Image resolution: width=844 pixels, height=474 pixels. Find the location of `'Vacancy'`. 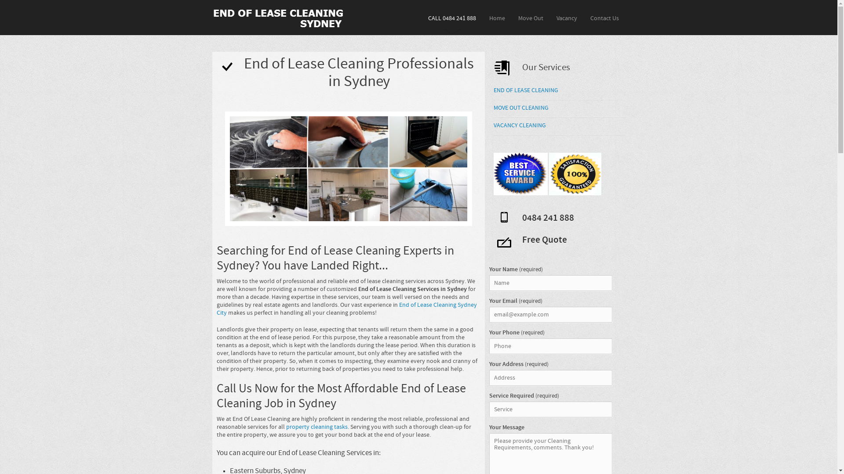

'Vacancy' is located at coordinates (566, 17).